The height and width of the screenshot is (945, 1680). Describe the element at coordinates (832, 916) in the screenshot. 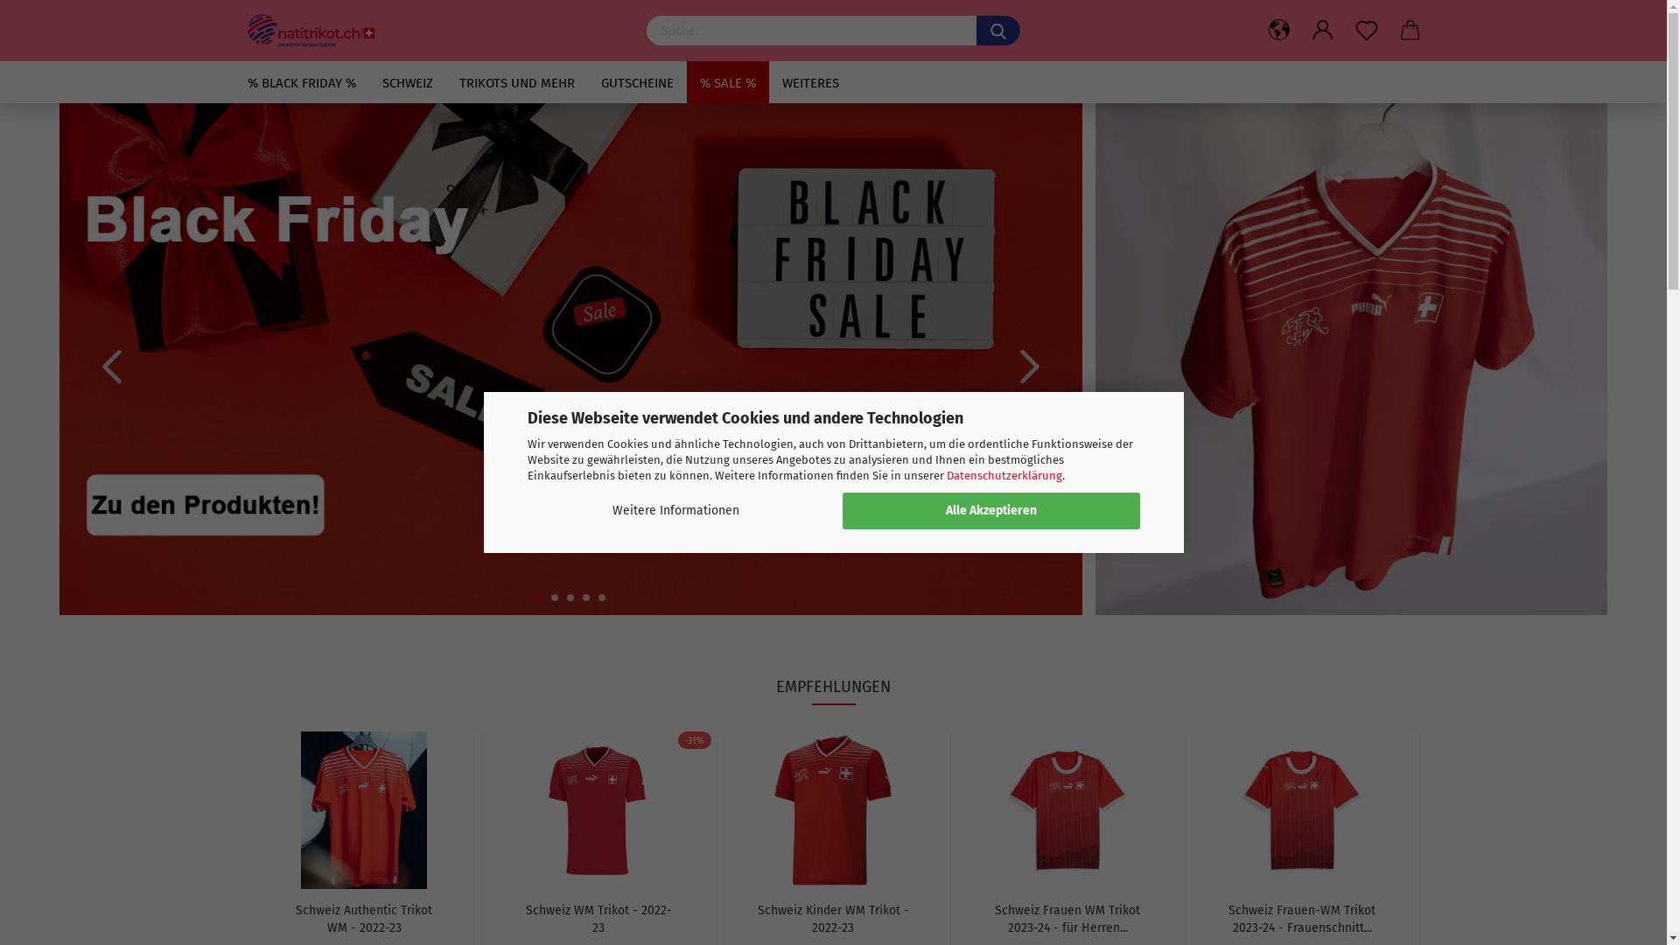

I see `'Schweiz Kinder WM Trikot - 2022-23'` at that location.